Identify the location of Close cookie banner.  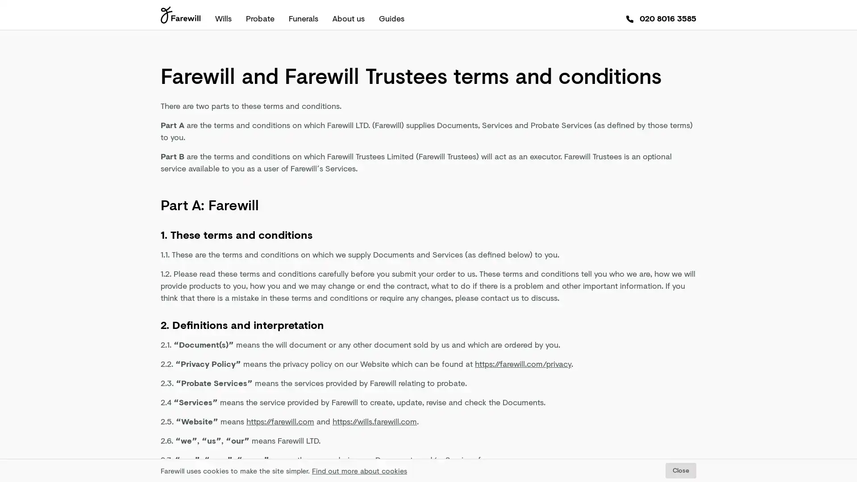
(680, 470).